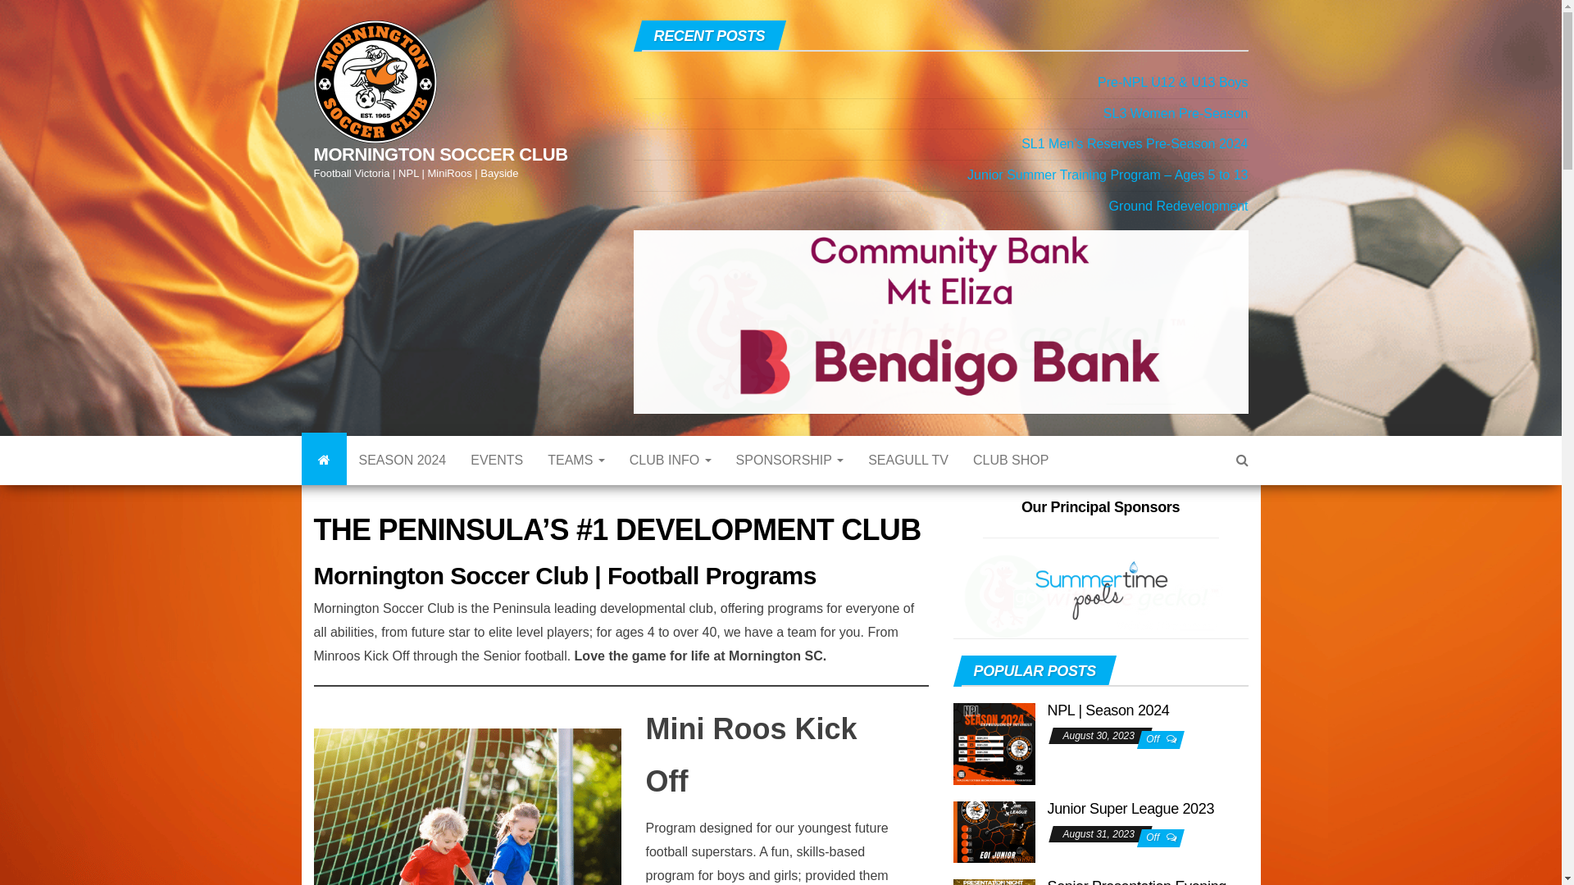 The image size is (1574, 885). What do you see at coordinates (790, 483) in the screenshot?
I see `'SPONSORSHIP'` at bounding box center [790, 483].